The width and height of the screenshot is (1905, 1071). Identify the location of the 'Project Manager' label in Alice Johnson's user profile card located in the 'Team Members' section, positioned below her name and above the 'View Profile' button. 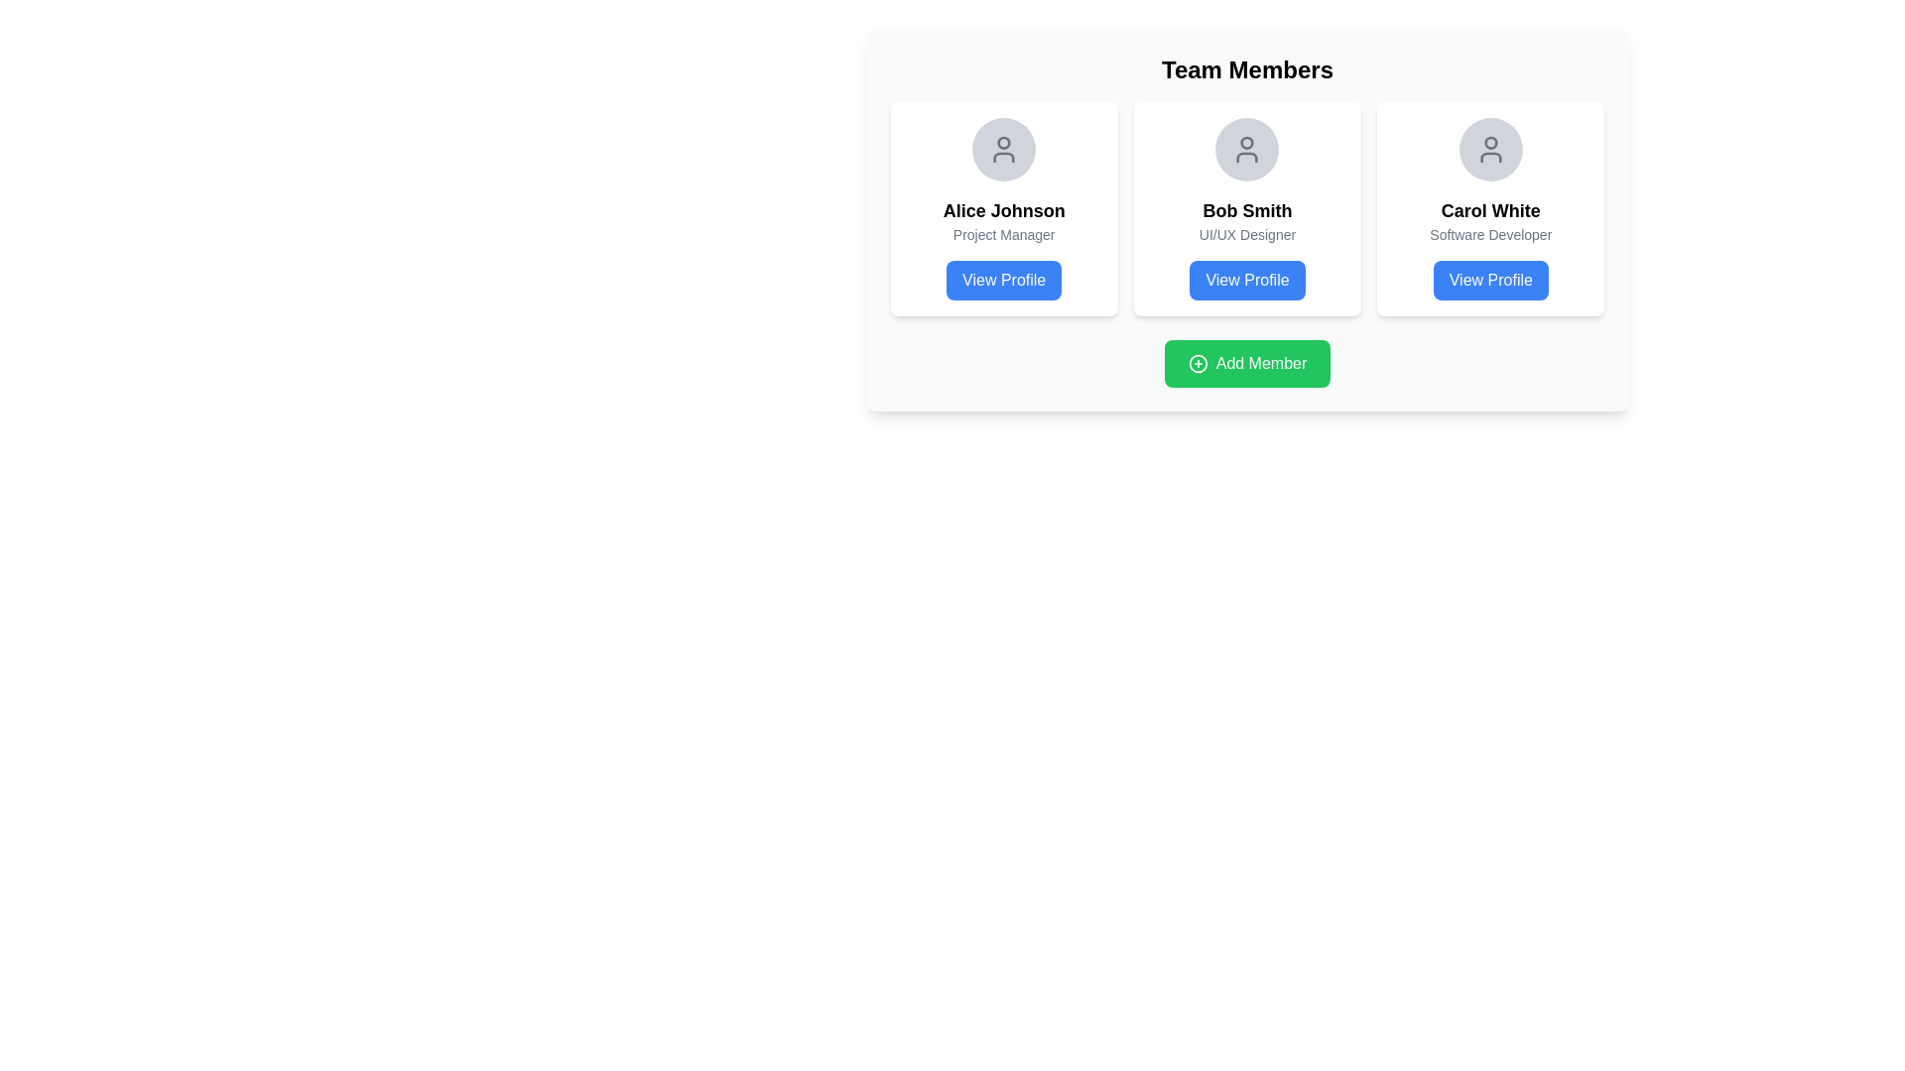
(1004, 233).